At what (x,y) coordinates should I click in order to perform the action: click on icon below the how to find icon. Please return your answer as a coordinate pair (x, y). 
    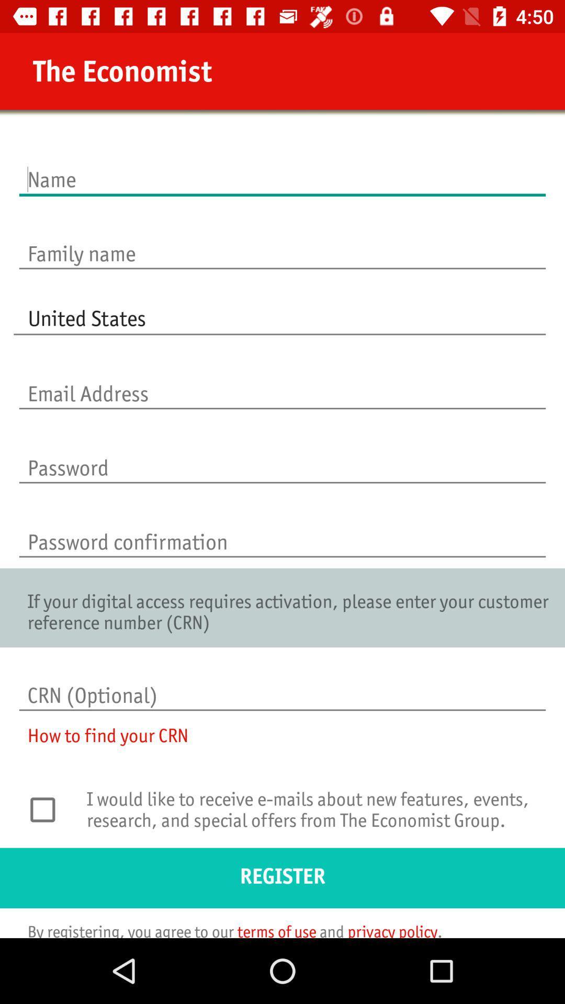
    Looking at the image, I should click on (48, 809).